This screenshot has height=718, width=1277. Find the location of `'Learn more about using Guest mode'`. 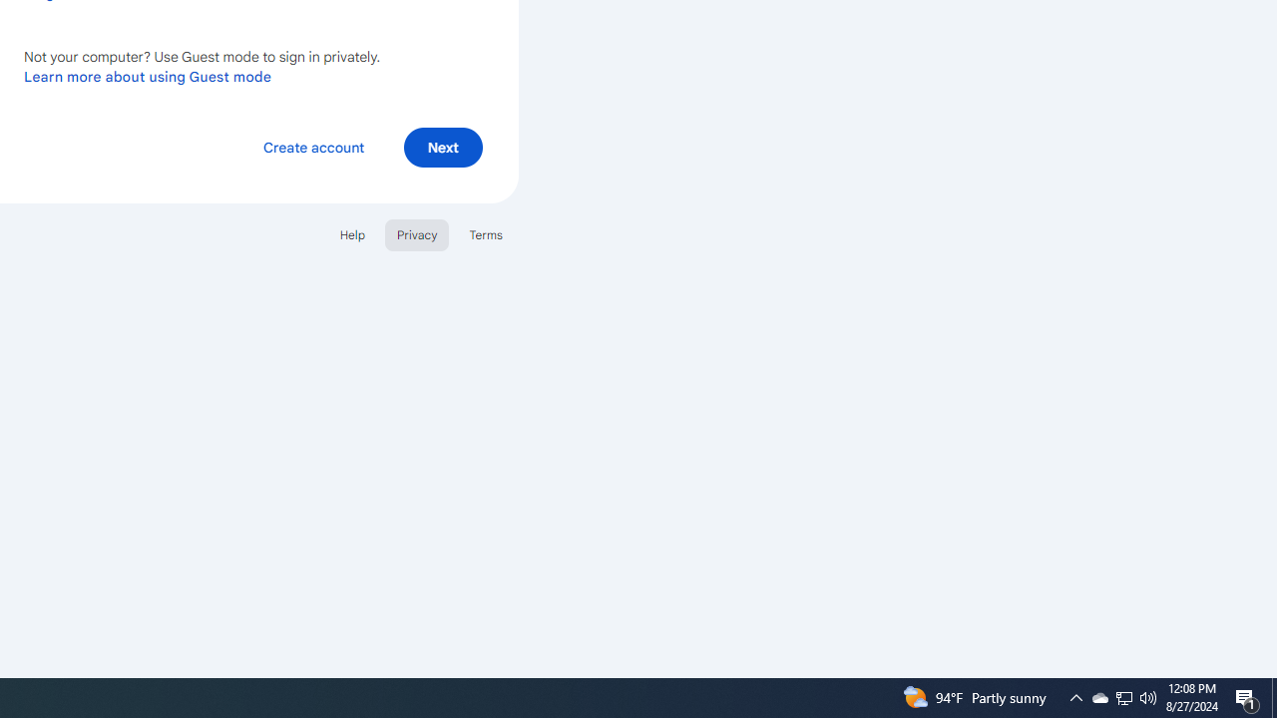

'Learn more about using Guest mode' is located at coordinates (147, 75).